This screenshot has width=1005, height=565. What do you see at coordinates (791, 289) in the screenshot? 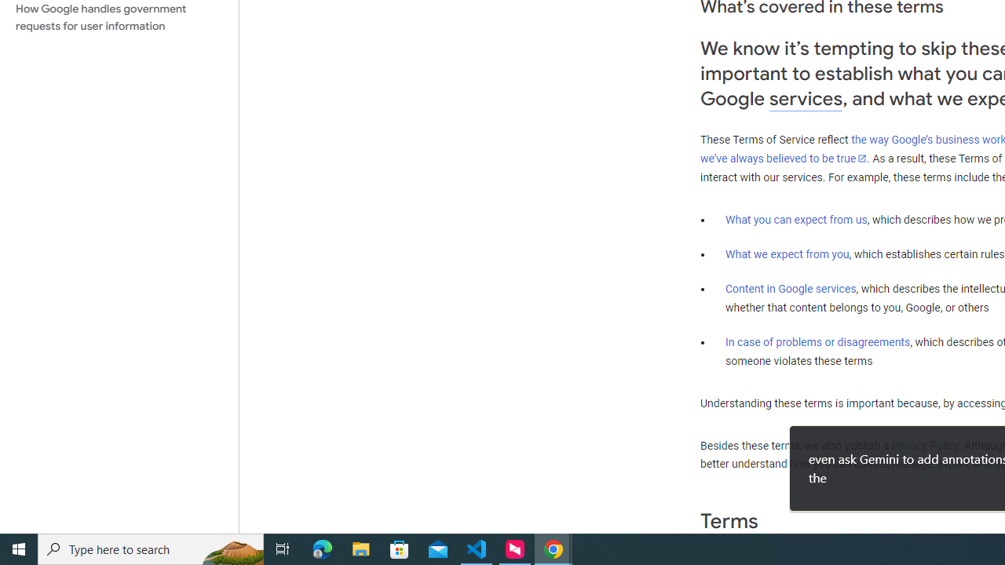
I see `'Content in Google services'` at bounding box center [791, 289].